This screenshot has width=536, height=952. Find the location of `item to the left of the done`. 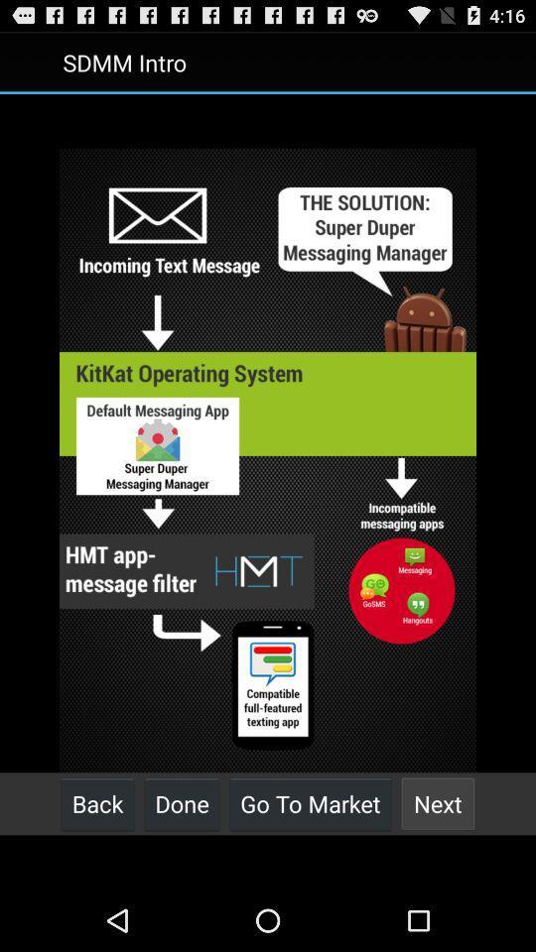

item to the left of the done is located at coordinates (96, 803).